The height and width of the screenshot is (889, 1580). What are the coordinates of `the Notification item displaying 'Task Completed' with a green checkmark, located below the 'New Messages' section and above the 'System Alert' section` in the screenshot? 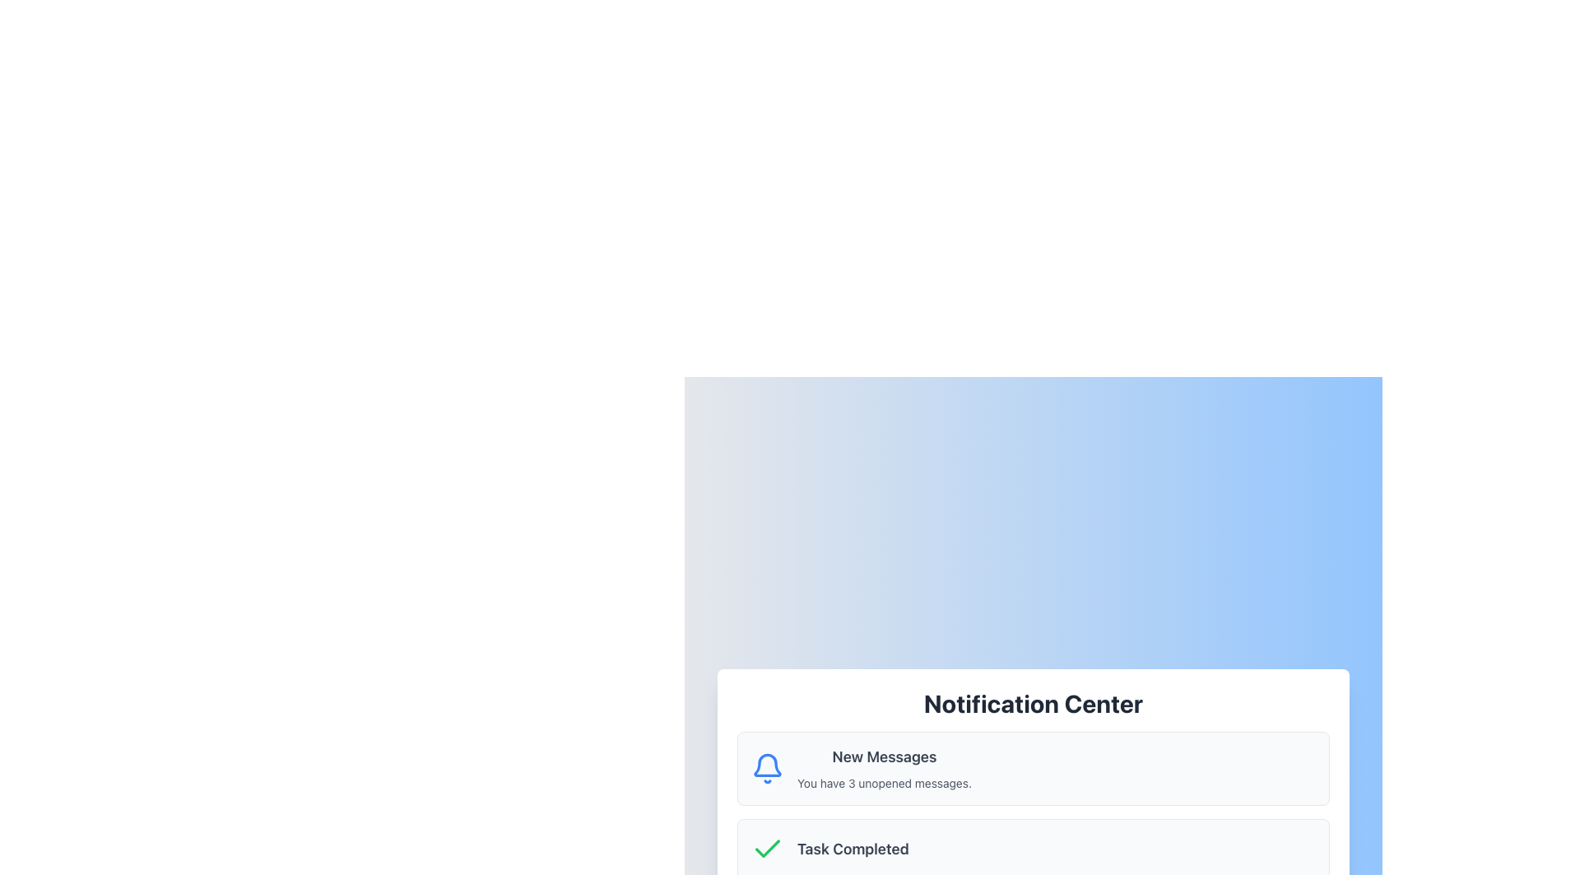 It's located at (1033, 849).